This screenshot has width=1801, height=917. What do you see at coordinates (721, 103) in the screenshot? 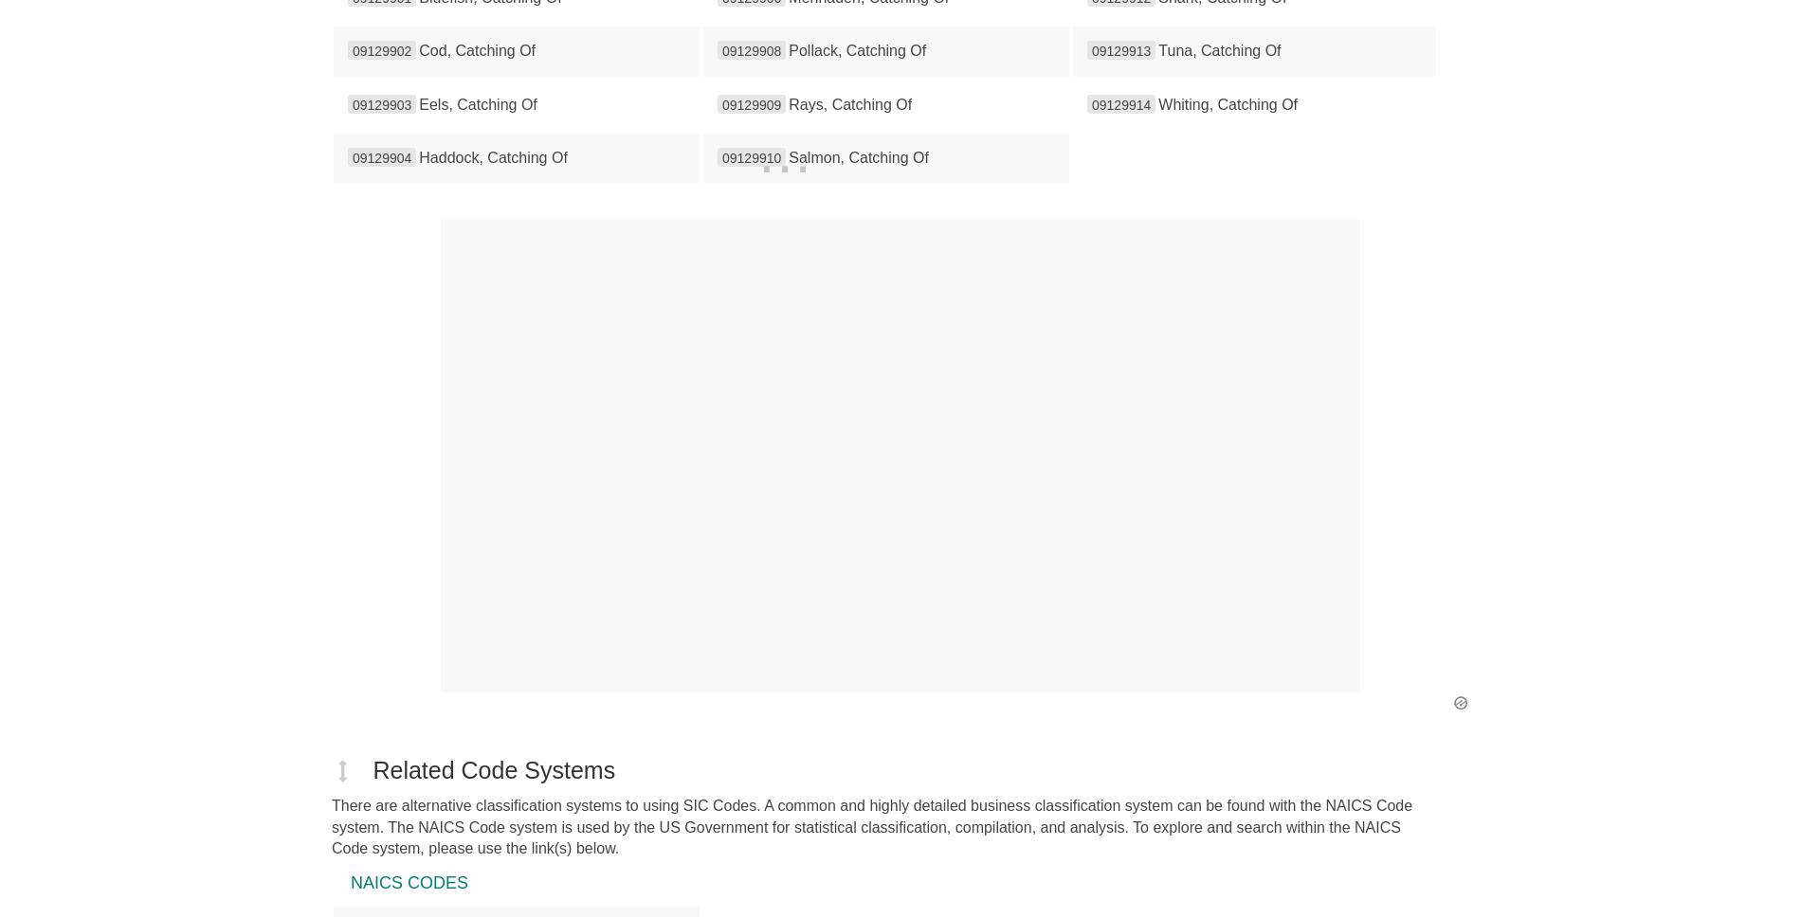
I see `'09129909'` at bounding box center [721, 103].